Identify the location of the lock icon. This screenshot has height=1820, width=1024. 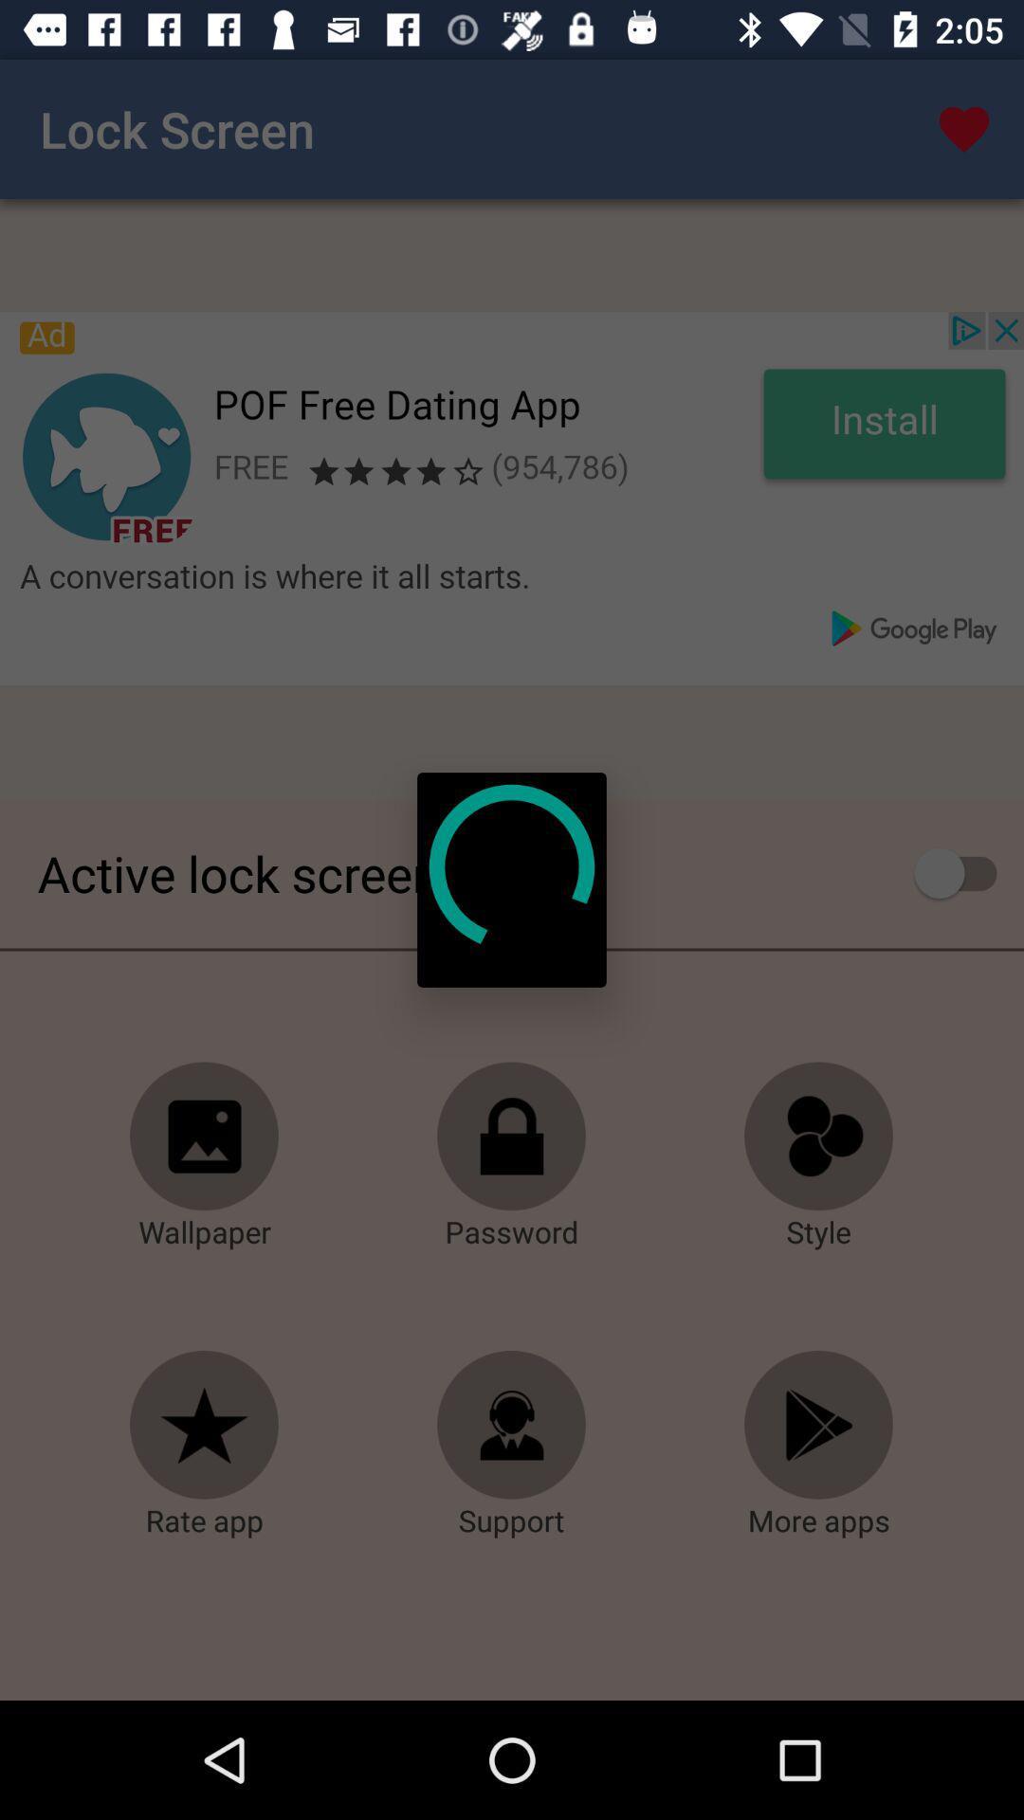
(512, 1137).